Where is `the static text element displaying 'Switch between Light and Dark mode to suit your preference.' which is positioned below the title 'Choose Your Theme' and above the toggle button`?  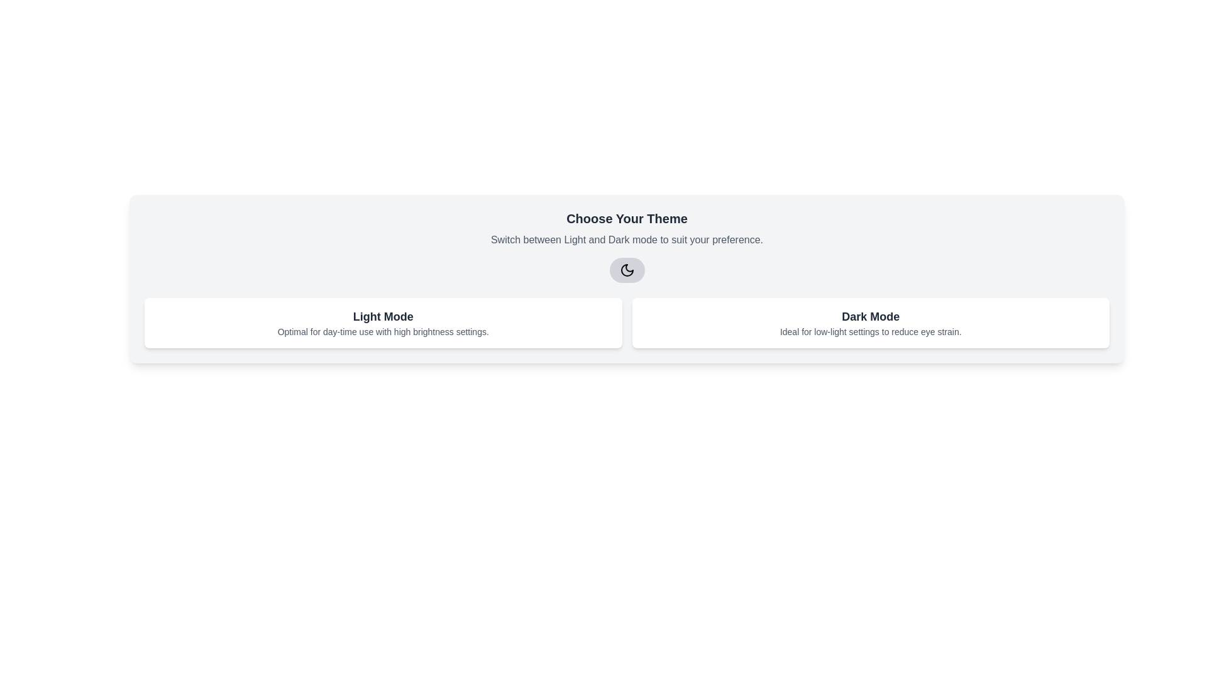 the static text element displaying 'Switch between Light and Dark mode to suit your preference.' which is positioned below the title 'Choose Your Theme' and above the toggle button is located at coordinates (627, 240).